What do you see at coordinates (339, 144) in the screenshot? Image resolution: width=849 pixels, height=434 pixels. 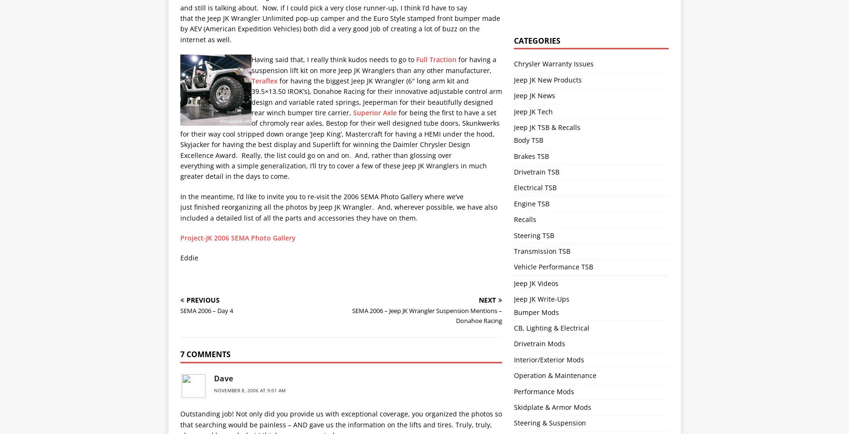 I see `'for being the first to have a set of chromoly rear axles, Bestop for their well designed tube doors, Skunkwerks for their way cool stripped down orange ‘Jeep King’, Mastercraft for having a HEMI under the hood, Skyjacker for having the best display and Superlift for winning the Daimler Chrysler Design Excellence Award.  Really, the list could go on and on.  And, rather than glossing over everything with a simple generalization, I’ll try to cover a few of these Jeep JK Wranglers in much greater detail in the days to come.'` at bounding box center [339, 144].